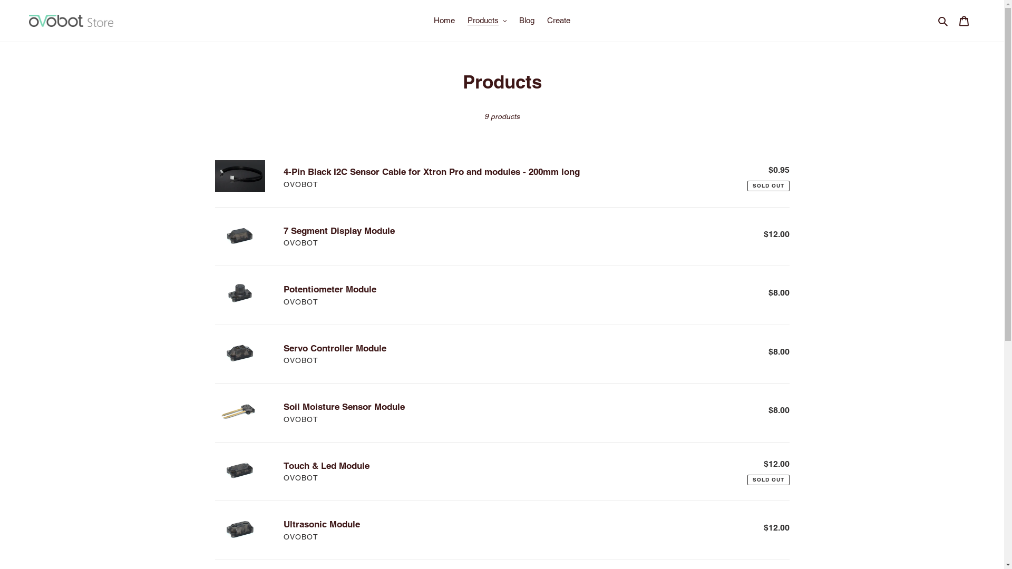 This screenshot has height=569, width=1012. Describe the element at coordinates (462, 21) in the screenshot. I see `'Products'` at that location.